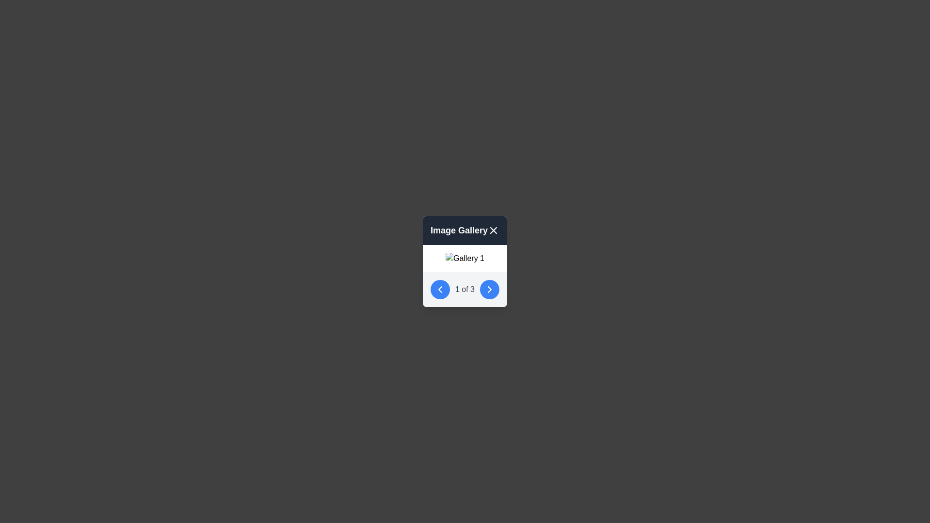  I want to click on the close button icon located in the top-right corner of the dark header labeled 'Image Gallery' to exit the image viewer, so click(493, 230).